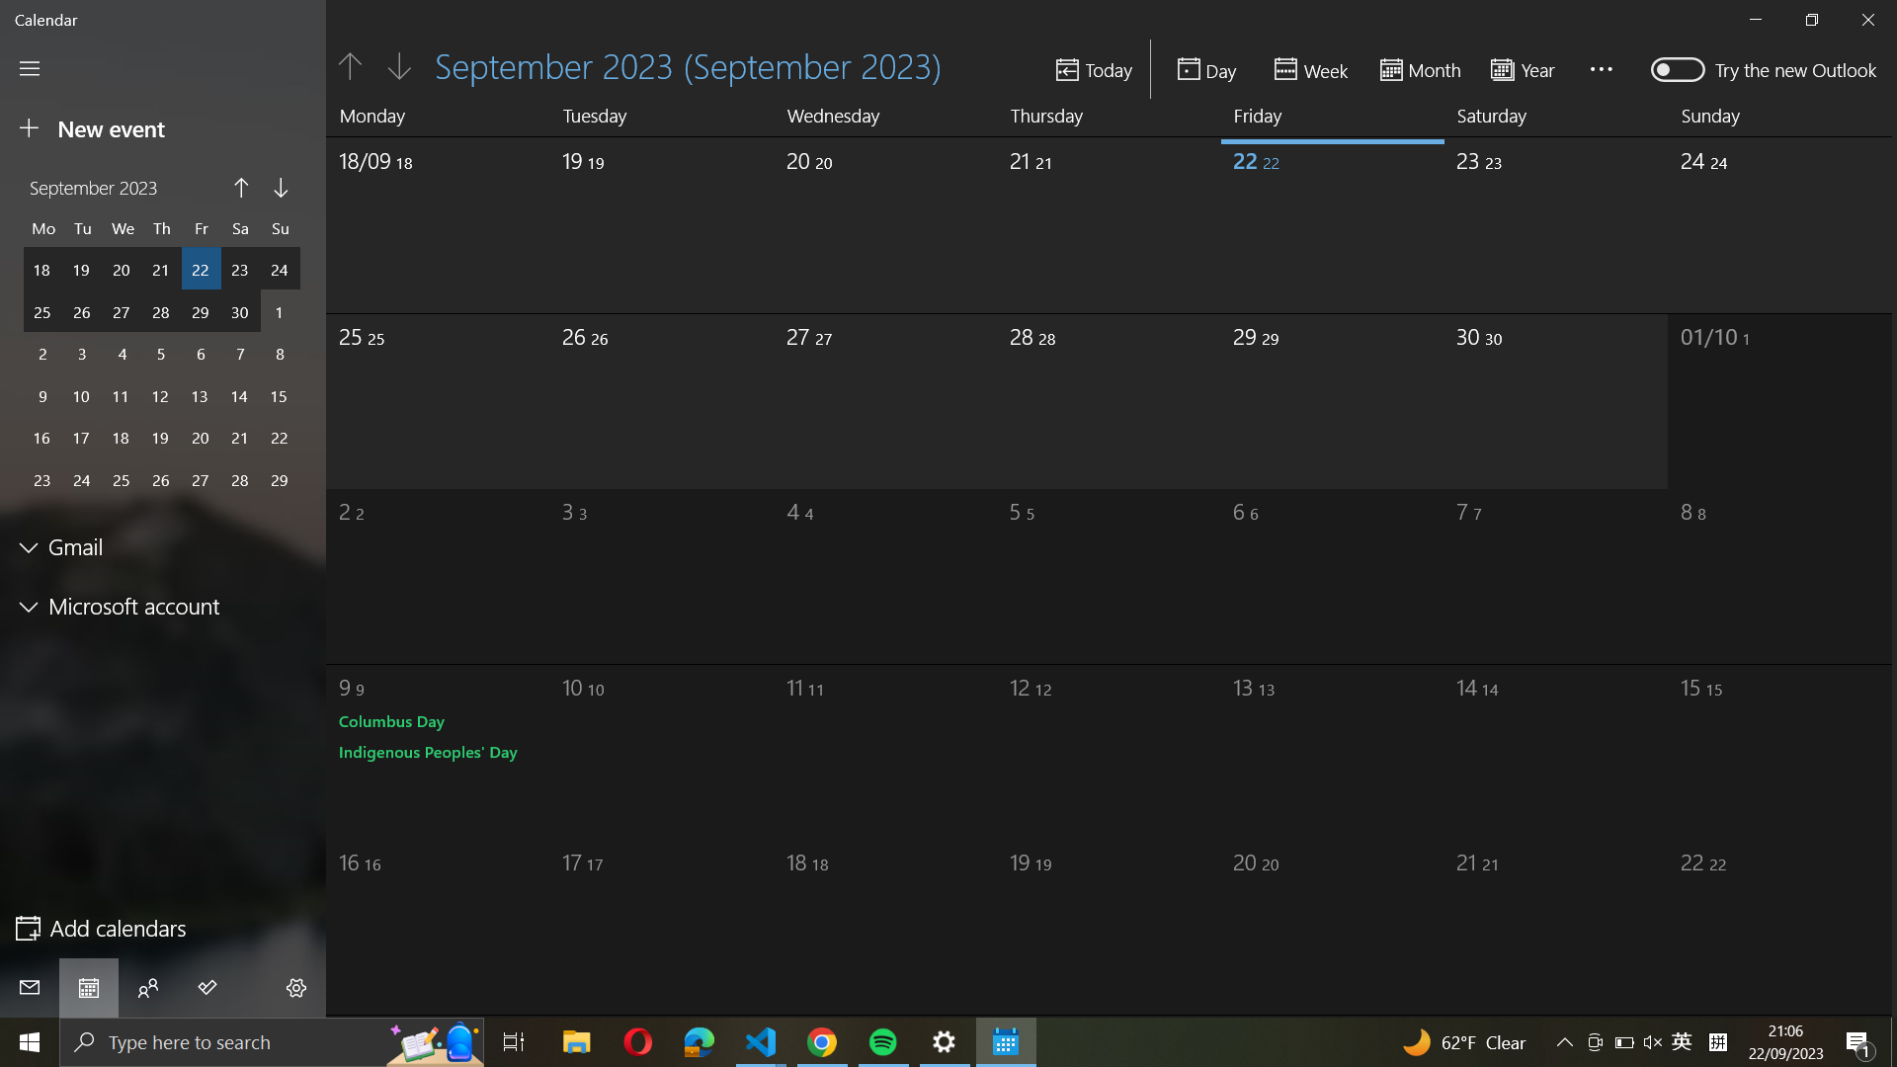 The width and height of the screenshot is (1897, 1067). I want to click on Insert new activities in Columbus Day schedule, so click(392, 721).